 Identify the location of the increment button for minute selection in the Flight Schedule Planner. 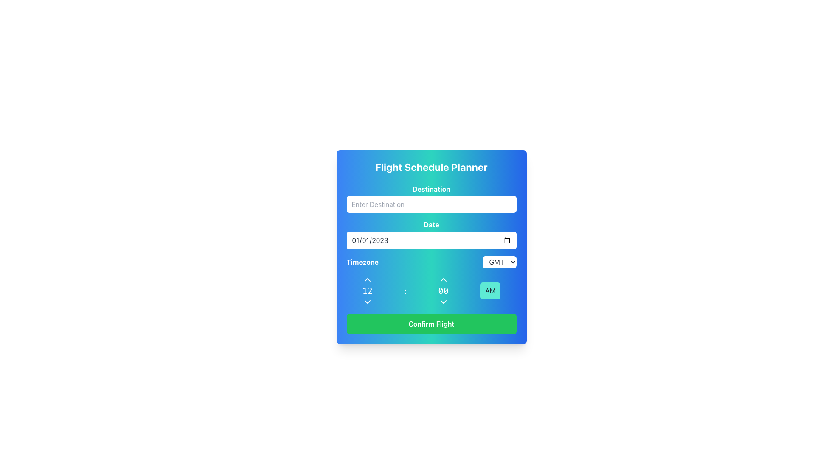
(443, 279).